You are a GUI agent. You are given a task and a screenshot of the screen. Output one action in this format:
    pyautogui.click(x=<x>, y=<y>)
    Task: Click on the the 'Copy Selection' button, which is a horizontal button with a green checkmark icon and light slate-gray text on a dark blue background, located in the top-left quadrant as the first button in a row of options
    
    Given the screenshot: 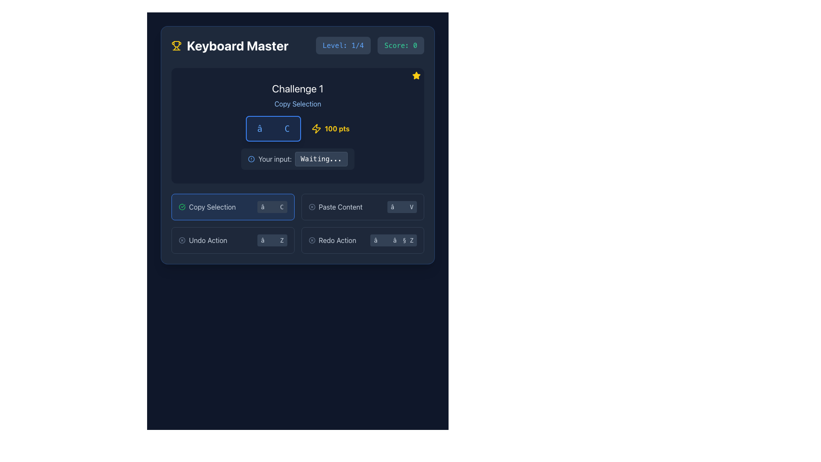 What is the action you would take?
    pyautogui.click(x=207, y=207)
    